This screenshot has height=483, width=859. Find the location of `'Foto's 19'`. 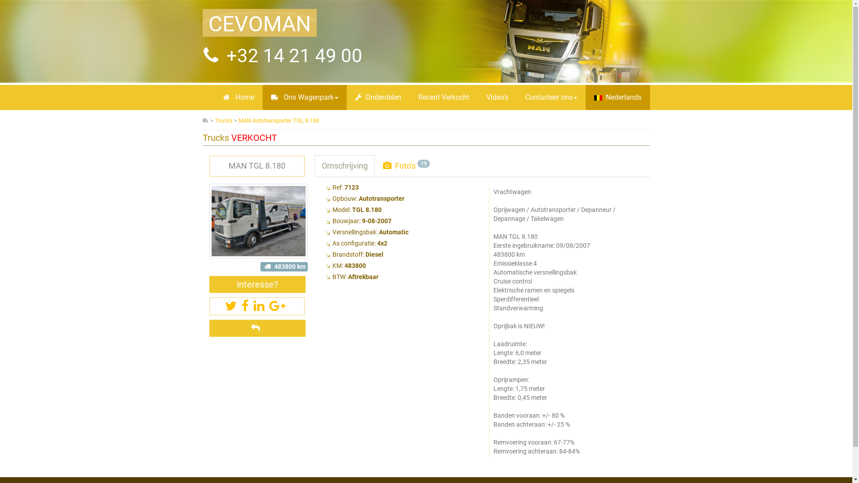

'Foto's 19' is located at coordinates (406, 165).